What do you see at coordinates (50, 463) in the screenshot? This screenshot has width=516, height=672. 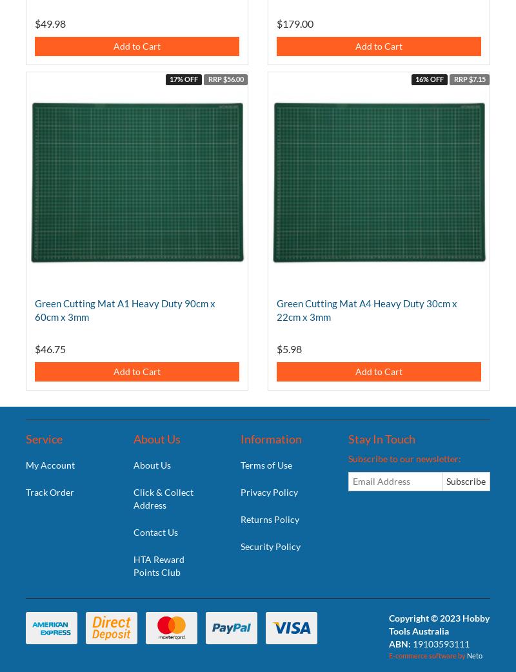 I see `'My Account'` at bounding box center [50, 463].